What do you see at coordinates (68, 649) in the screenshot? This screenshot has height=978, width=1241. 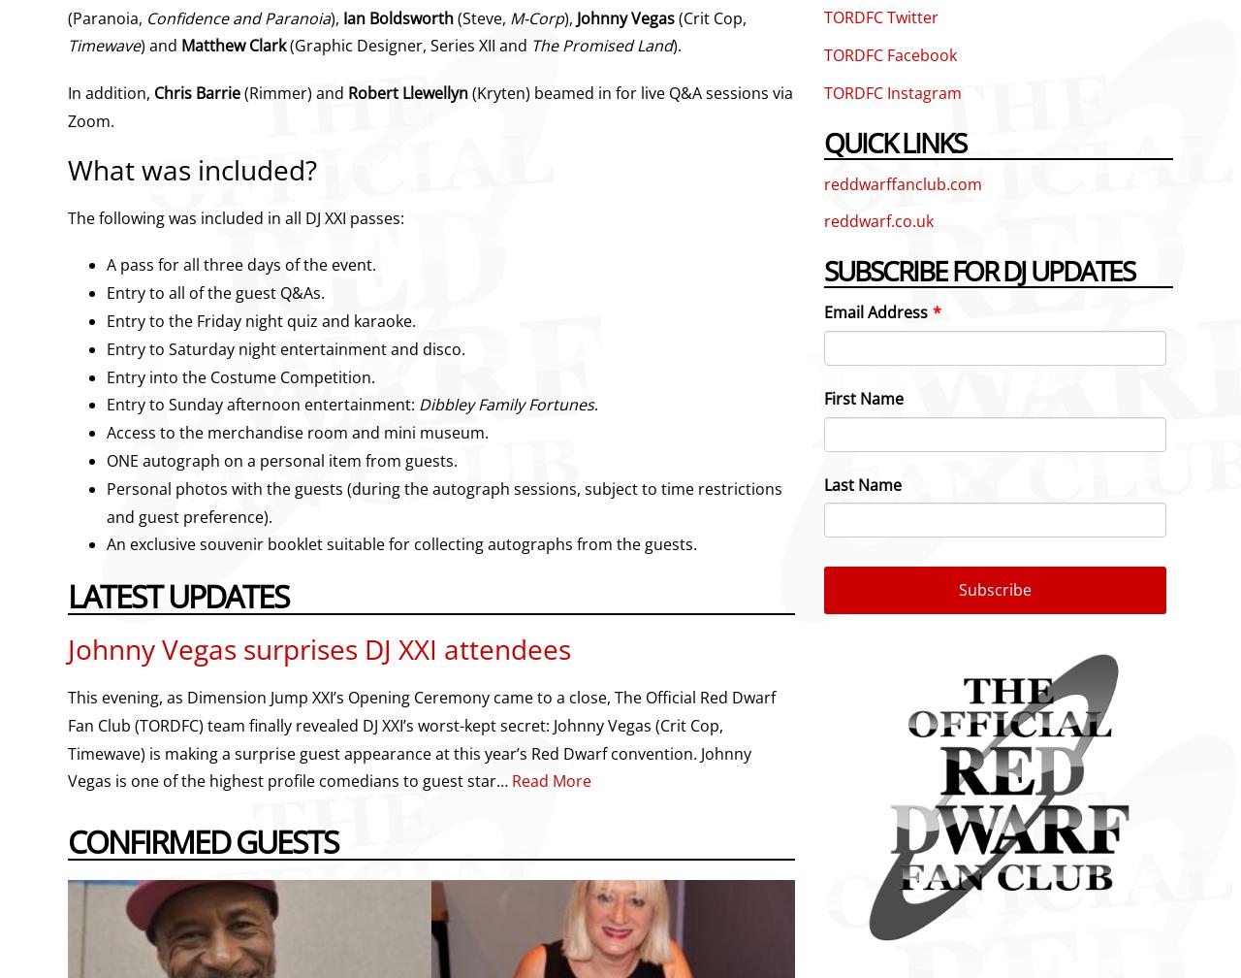 I see `'Johnny Vegas surprises DJ XXI attendees'` at bounding box center [68, 649].